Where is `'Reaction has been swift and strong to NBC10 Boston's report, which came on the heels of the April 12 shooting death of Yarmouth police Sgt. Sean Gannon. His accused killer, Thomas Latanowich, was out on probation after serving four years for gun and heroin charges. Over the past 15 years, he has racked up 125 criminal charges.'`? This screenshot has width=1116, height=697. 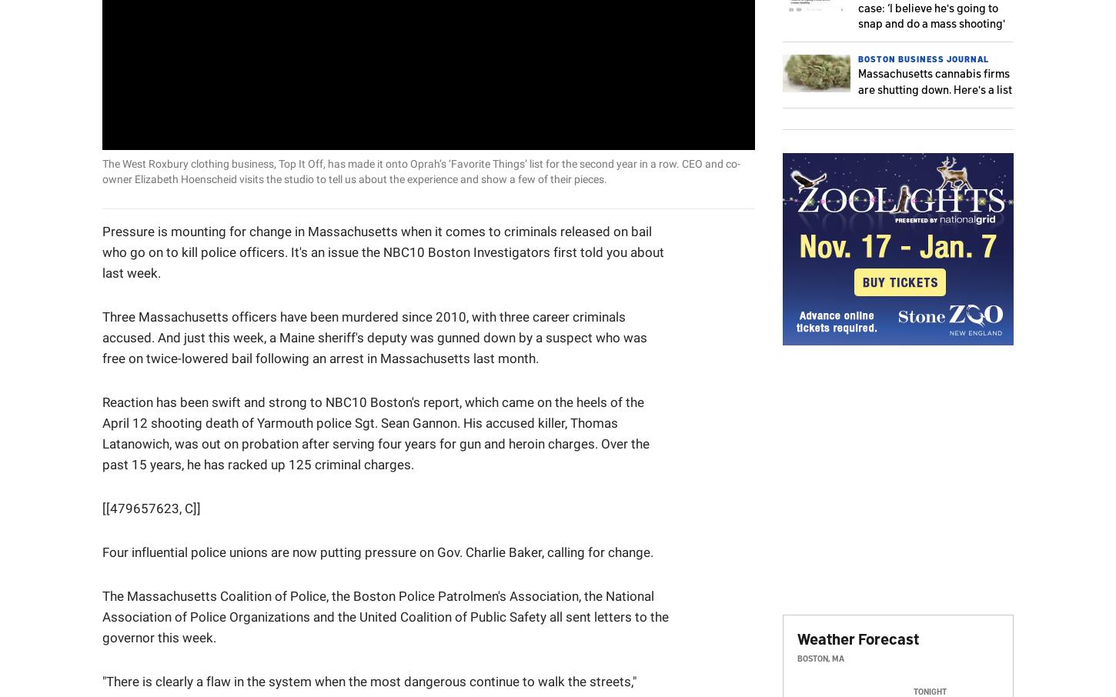
'Reaction has been swift and strong to NBC10 Boston's report, which came on the heels of the April 12 shooting death of Yarmouth police Sgt. Sean Gannon. His accused killer, Thomas Latanowich, was out on probation after serving four years for gun and heroin charges. Over the past 15 years, he has racked up 125 criminal charges.' is located at coordinates (376, 432).